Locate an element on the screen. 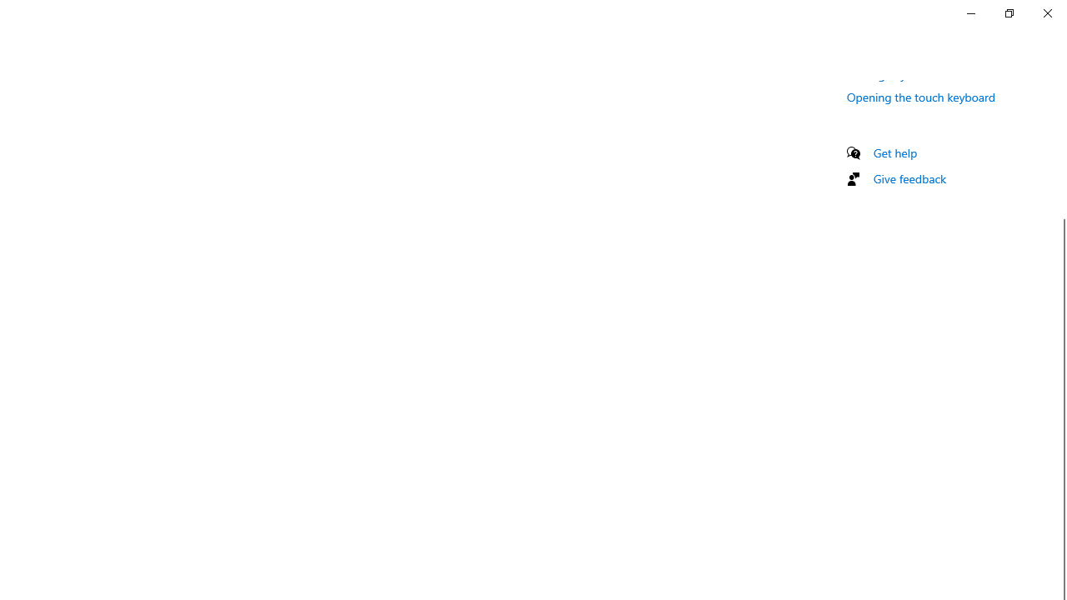  'Close Settings' is located at coordinates (1046, 12).